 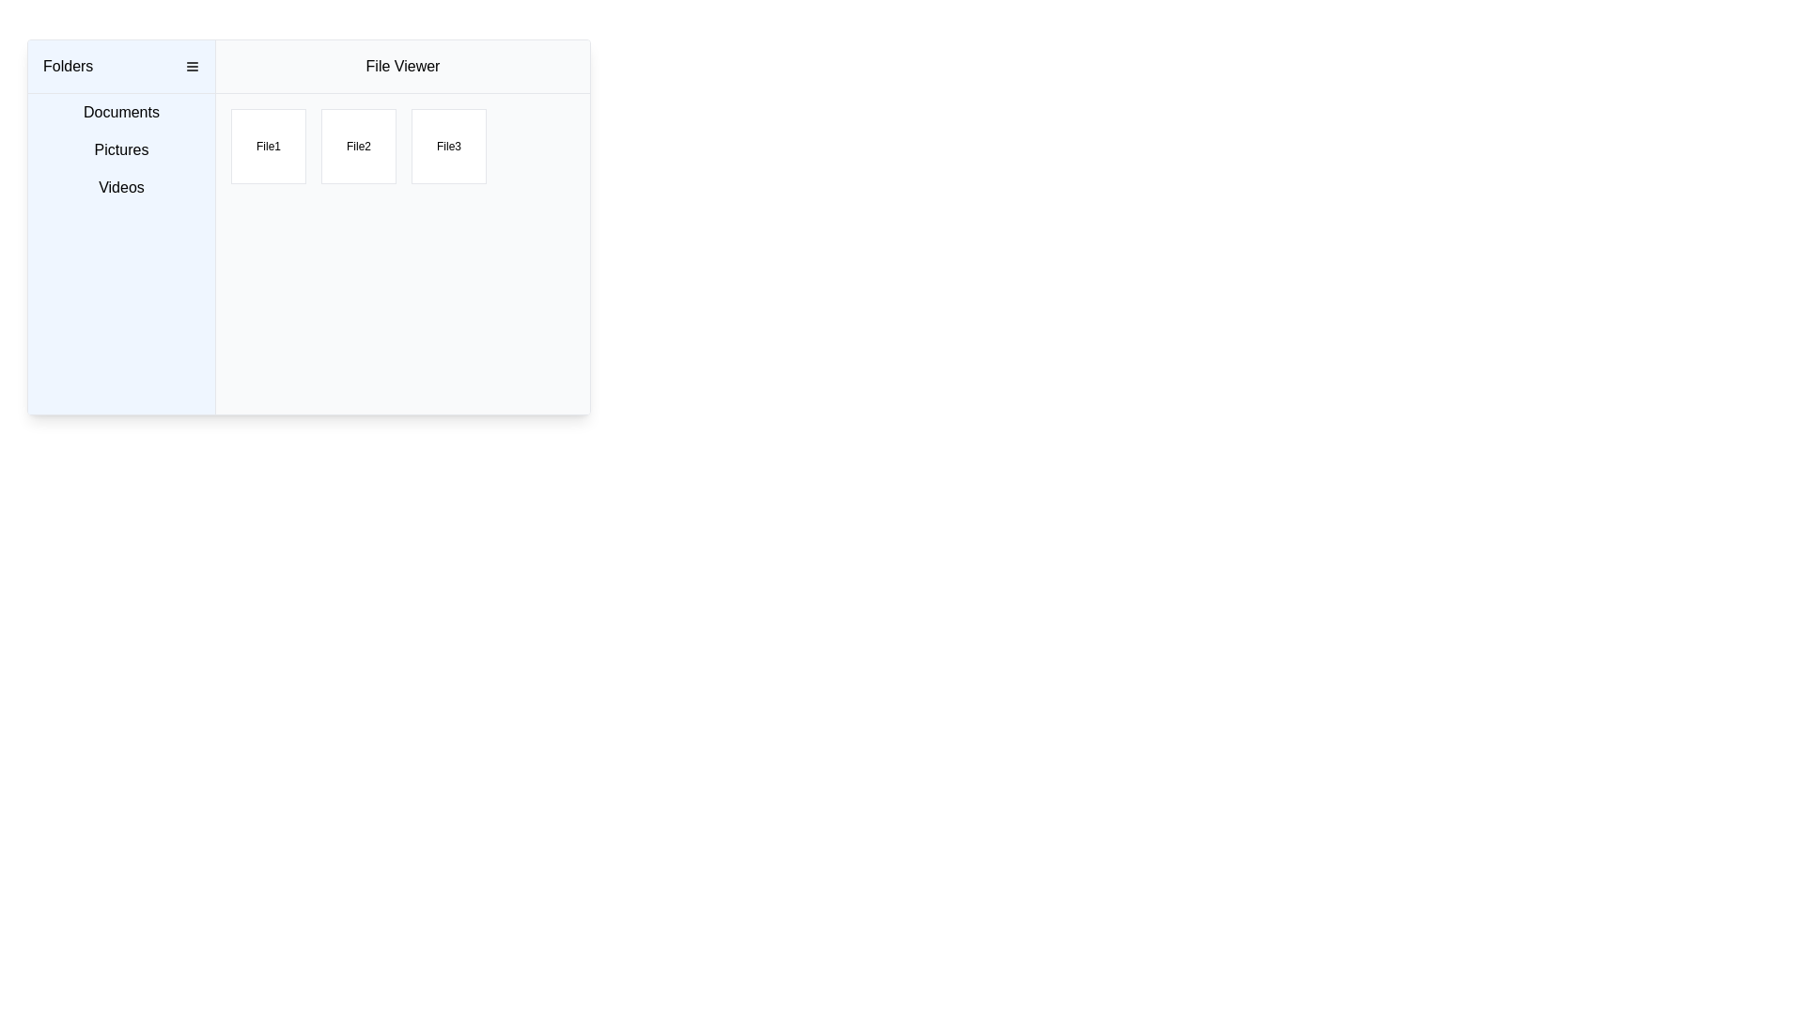 What do you see at coordinates (448, 145) in the screenshot?
I see `the static text label that identifies the associated file as 'File3', located in the third column under the 'File Viewer' header` at bounding box center [448, 145].